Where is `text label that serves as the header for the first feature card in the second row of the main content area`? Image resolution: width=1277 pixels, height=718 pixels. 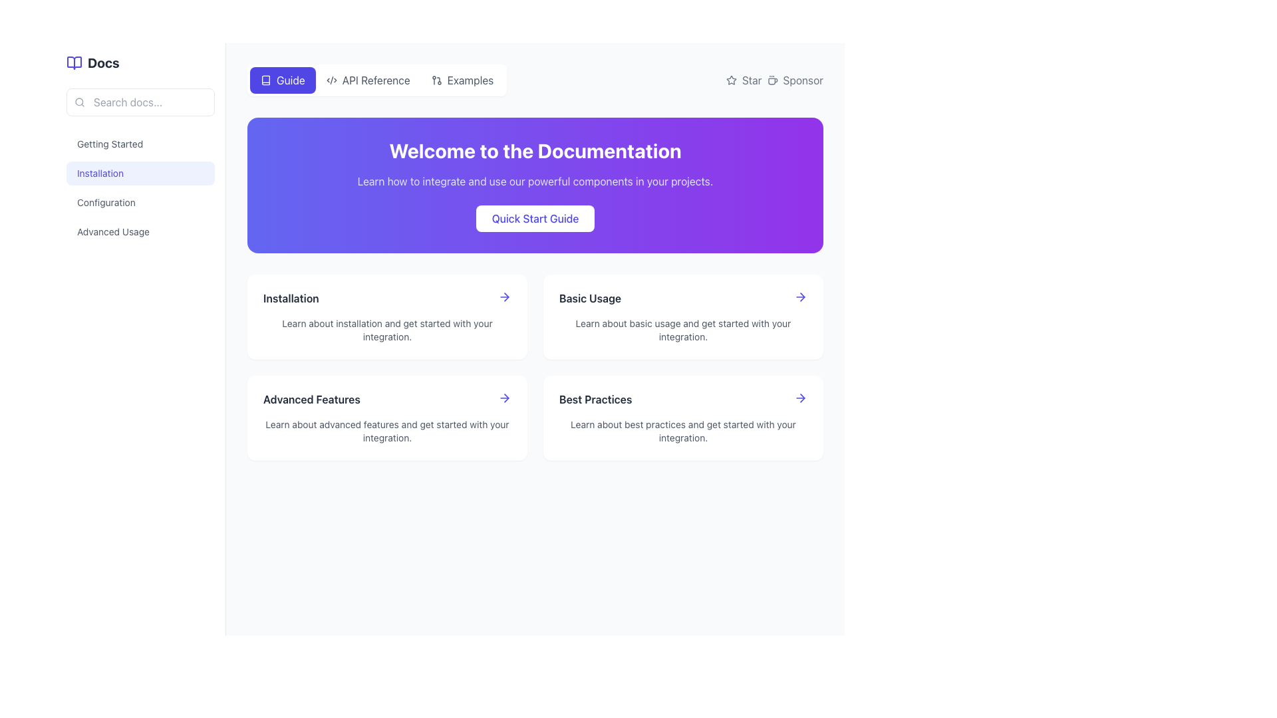 text label that serves as the header for the first feature card in the second row of the main content area is located at coordinates (290, 297).